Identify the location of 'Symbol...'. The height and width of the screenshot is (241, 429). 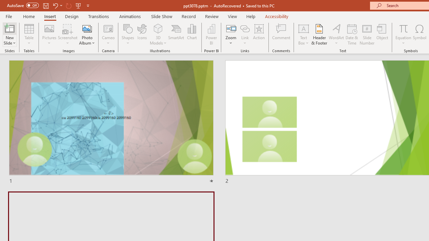
(419, 34).